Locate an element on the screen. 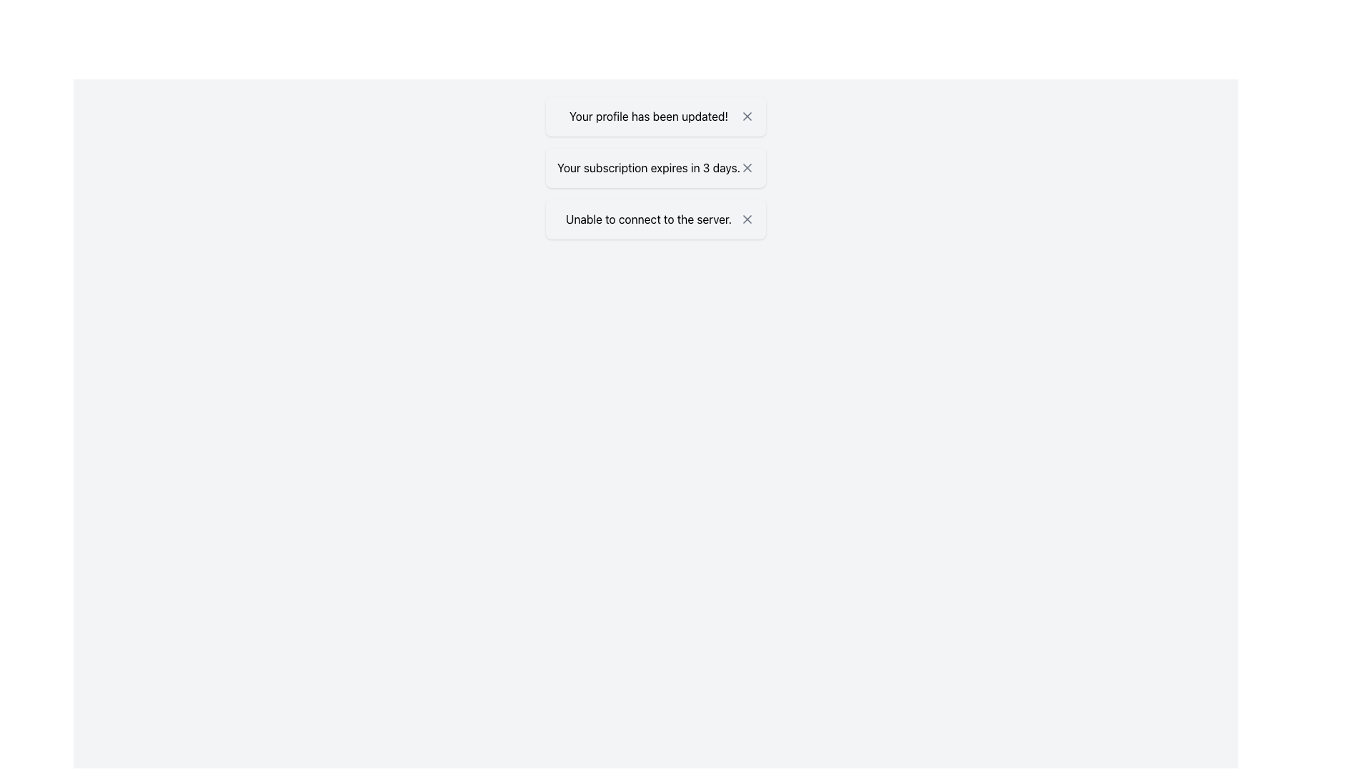 The image size is (1372, 772). notification text that states 'Your subscription expires in 3 days.' which is part of the second notification card with a light yellow background is located at coordinates (647, 167).